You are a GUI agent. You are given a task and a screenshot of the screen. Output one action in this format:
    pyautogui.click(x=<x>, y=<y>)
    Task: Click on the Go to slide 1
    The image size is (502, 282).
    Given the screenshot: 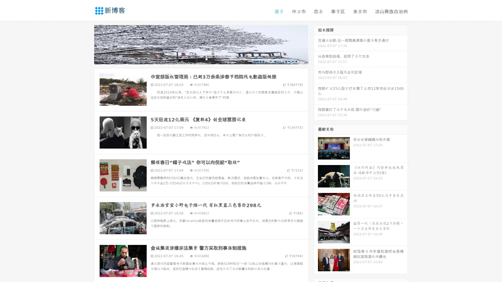 What is the action you would take?
    pyautogui.click(x=196, y=59)
    